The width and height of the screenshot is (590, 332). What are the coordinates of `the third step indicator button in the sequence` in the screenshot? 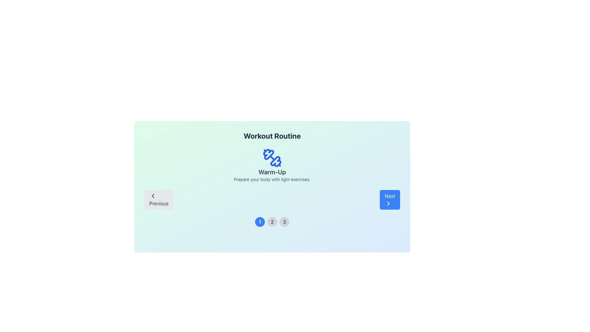 It's located at (284, 222).